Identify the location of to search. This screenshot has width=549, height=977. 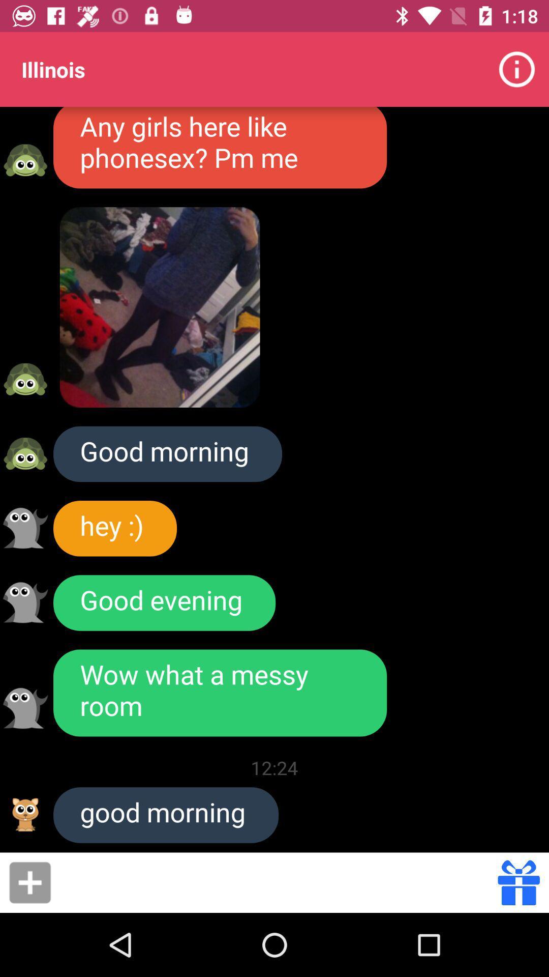
(278, 882).